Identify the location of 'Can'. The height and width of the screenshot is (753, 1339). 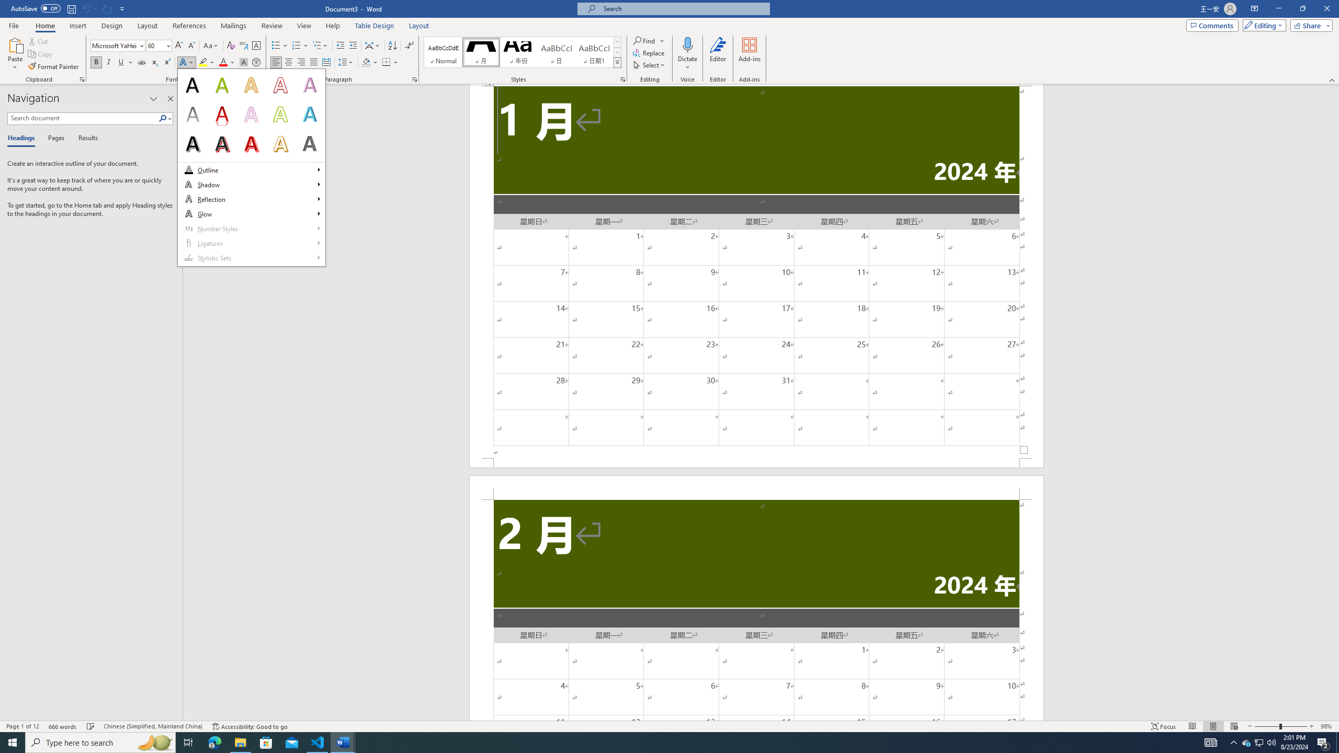
(85, 8).